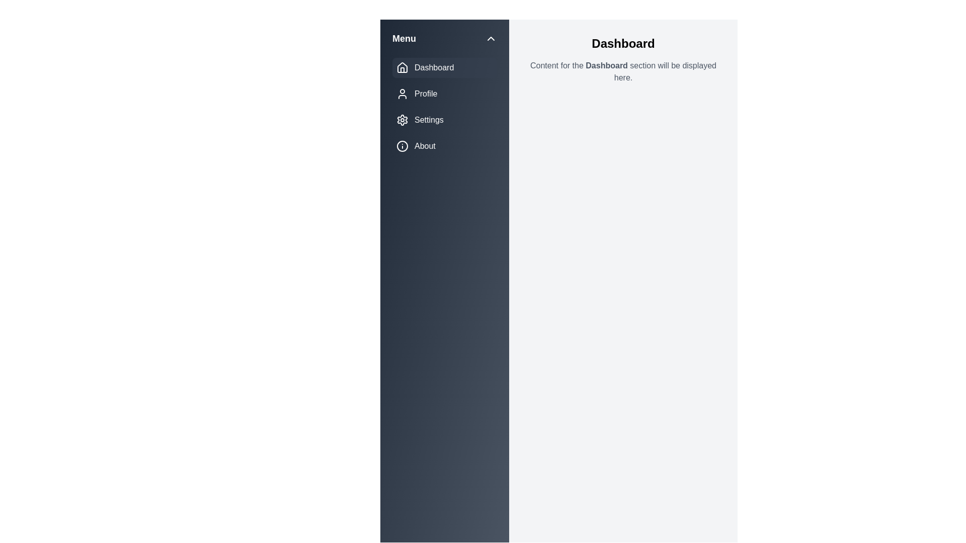 Image resolution: width=966 pixels, height=543 pixels. Describe the element at coordinates (403, 120) in the screenshot. I see `the settings icon located in the main navigation sidebar, which is positioned next to the 'Settings' label, below 'Profile', and above 'About'` at that location.